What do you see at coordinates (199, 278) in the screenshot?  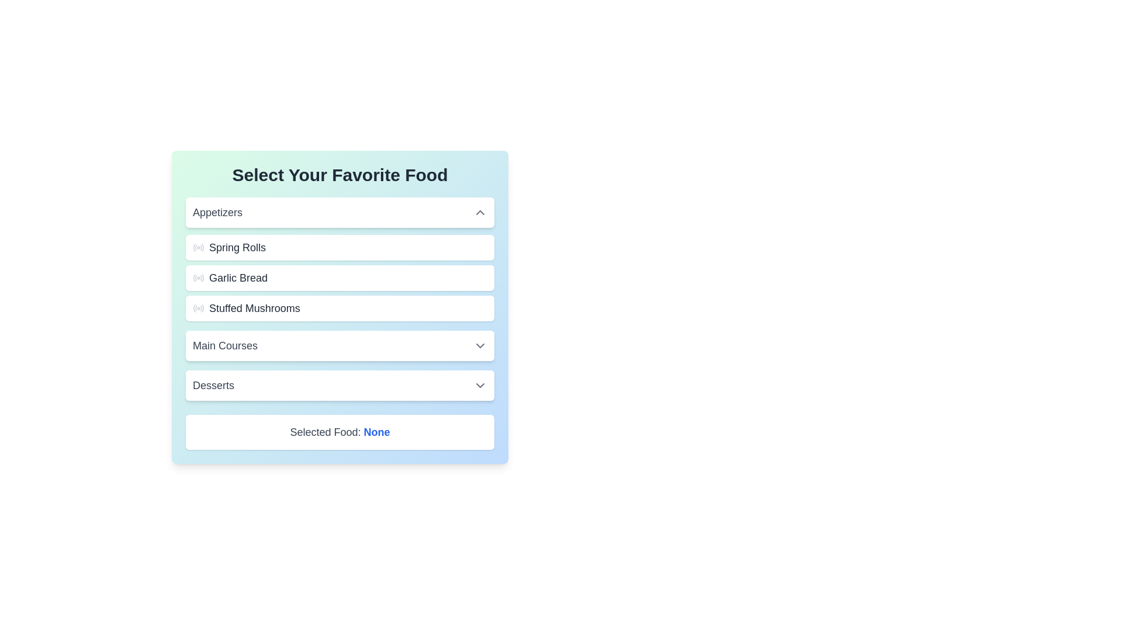 I see `the 'Garlic Bread' radio button located in the 'Appetizers' section to select it as an option` at bounding box center [199, 278].